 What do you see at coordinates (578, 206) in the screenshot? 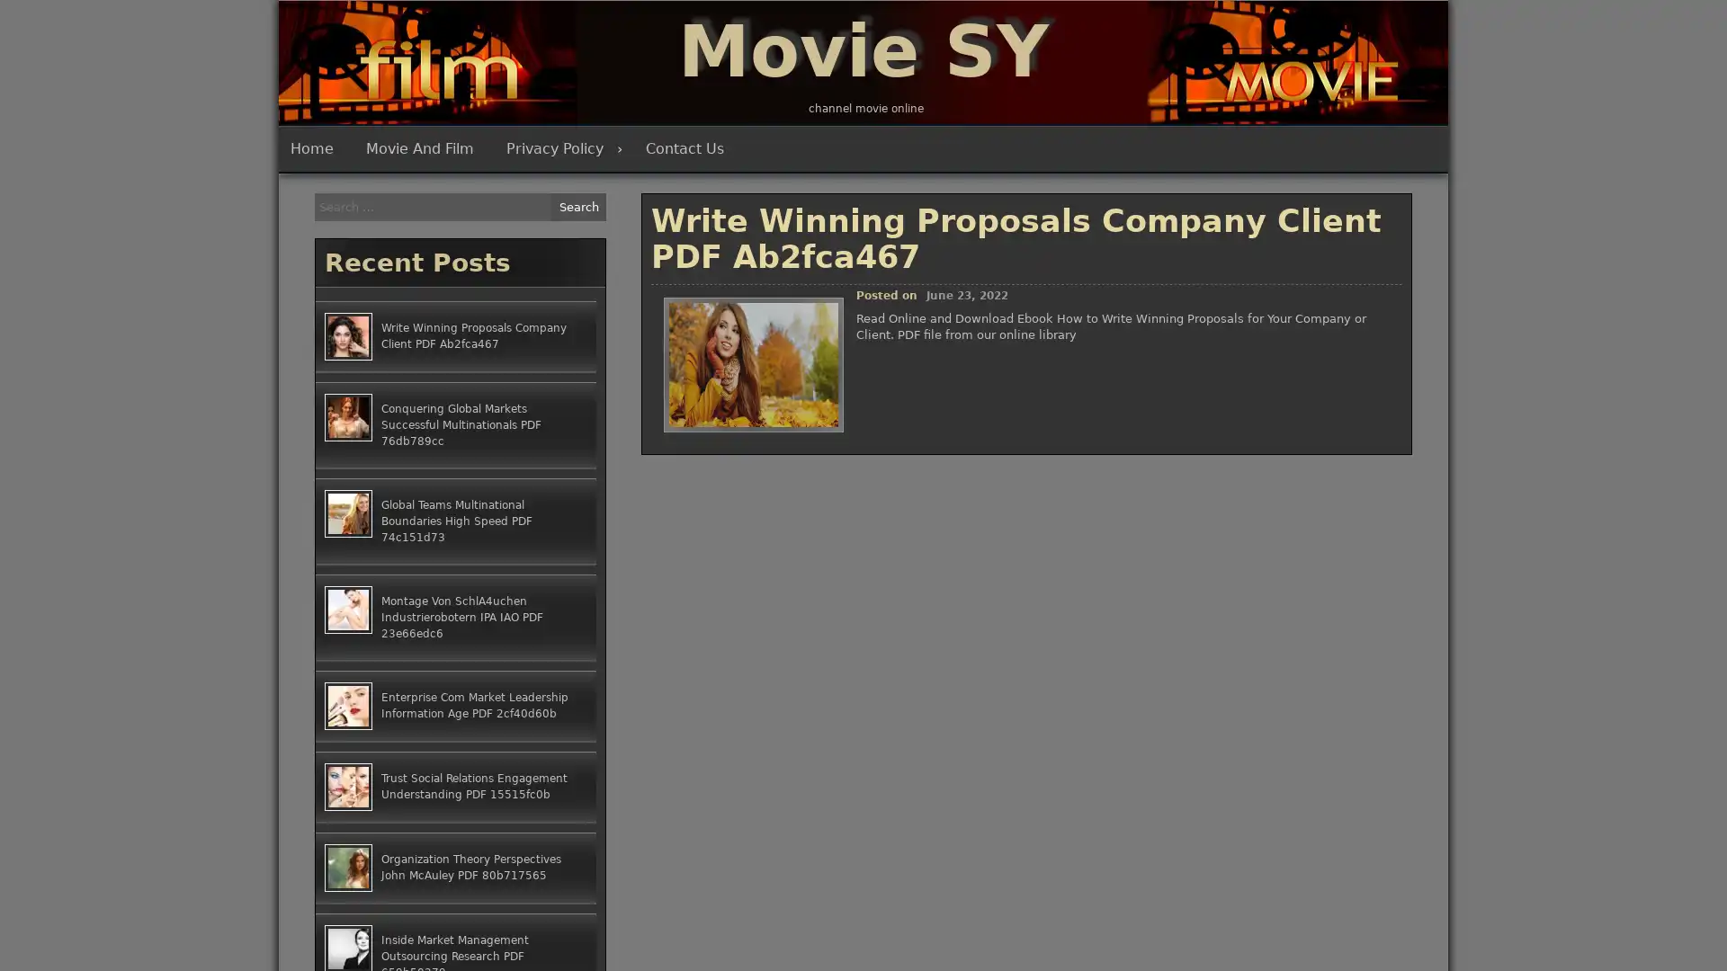
I see `Search` at bounding box center [578, 206].